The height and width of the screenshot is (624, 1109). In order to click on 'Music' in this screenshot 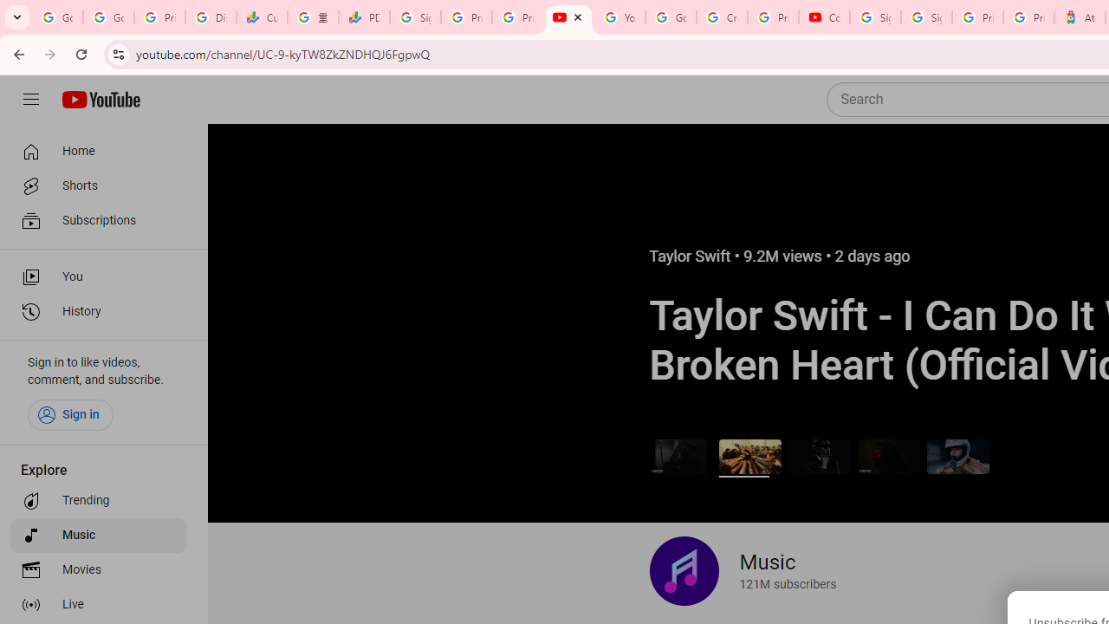, I will do `click(97, 535)`.